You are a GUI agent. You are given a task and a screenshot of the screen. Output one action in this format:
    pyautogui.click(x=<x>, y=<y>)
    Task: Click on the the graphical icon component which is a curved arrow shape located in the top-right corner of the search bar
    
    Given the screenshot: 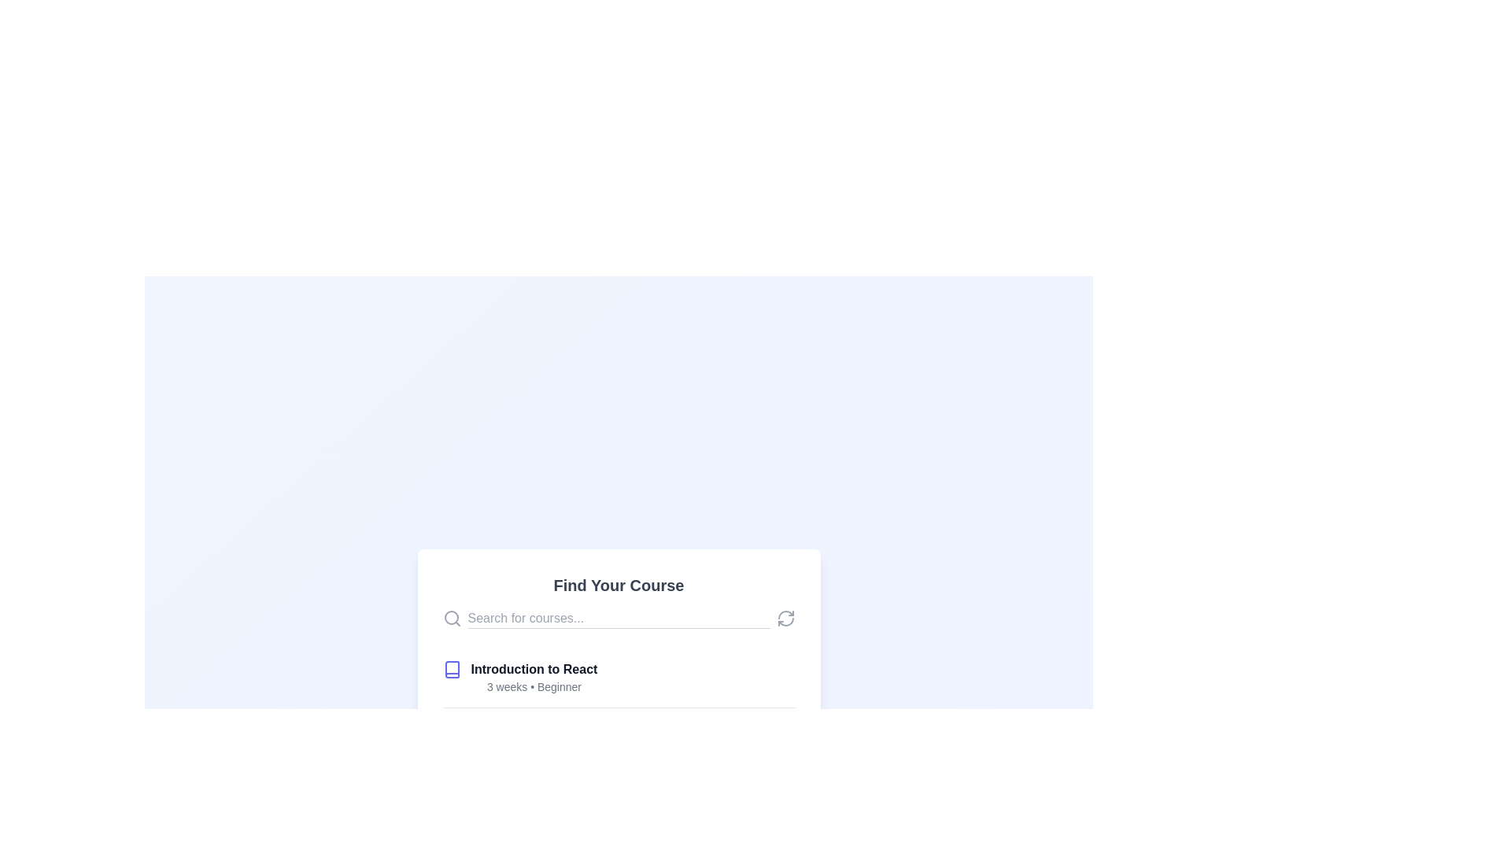 What is the action you would take?
    pyautogui.click(x=785, y=614)
    